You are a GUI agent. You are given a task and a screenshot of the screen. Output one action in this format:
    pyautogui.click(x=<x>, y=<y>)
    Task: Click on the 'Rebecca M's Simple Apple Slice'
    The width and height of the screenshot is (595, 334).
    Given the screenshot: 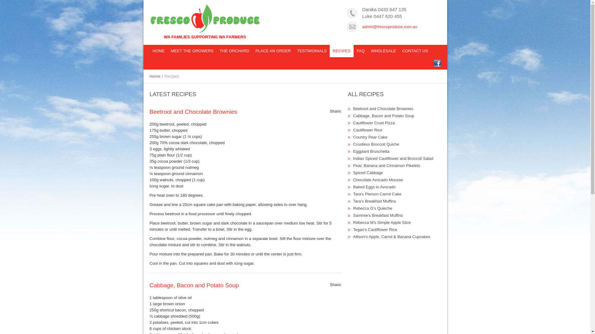 What is the action you would take?
    pyautogui.click(x=382, y=222)
    